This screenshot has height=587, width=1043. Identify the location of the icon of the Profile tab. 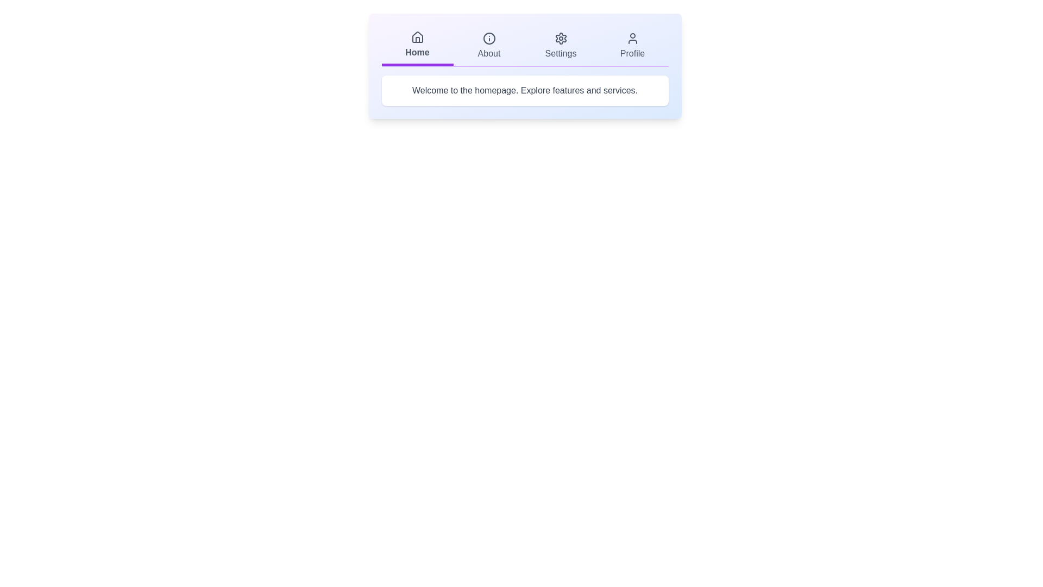
(632, 38).